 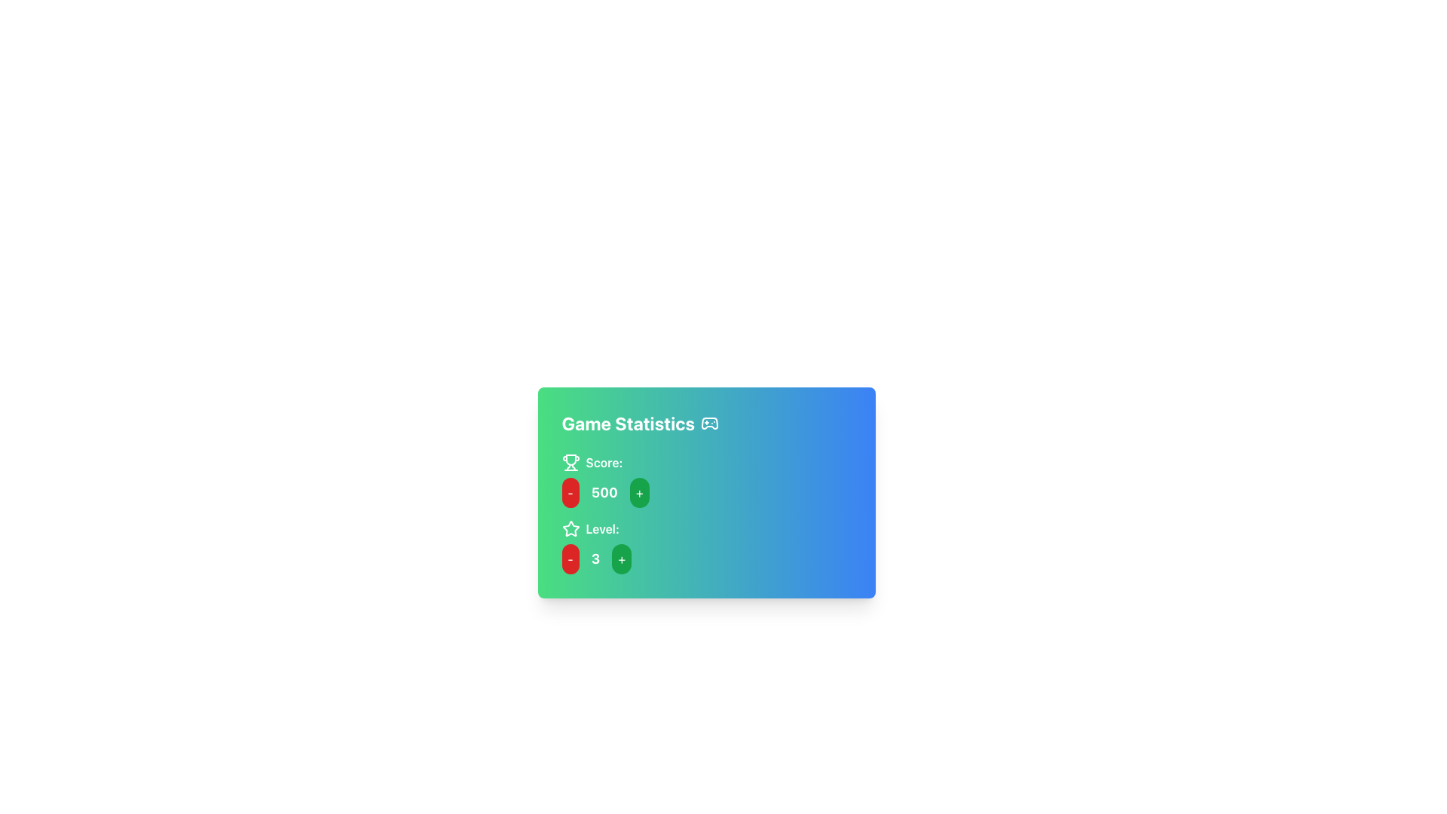 What do you see at coordinates (570, 528) in the screenshot?
I see `the star icon located next to the label 'Level:' in the Level section of the user interface` at bounding box center [570, 528].